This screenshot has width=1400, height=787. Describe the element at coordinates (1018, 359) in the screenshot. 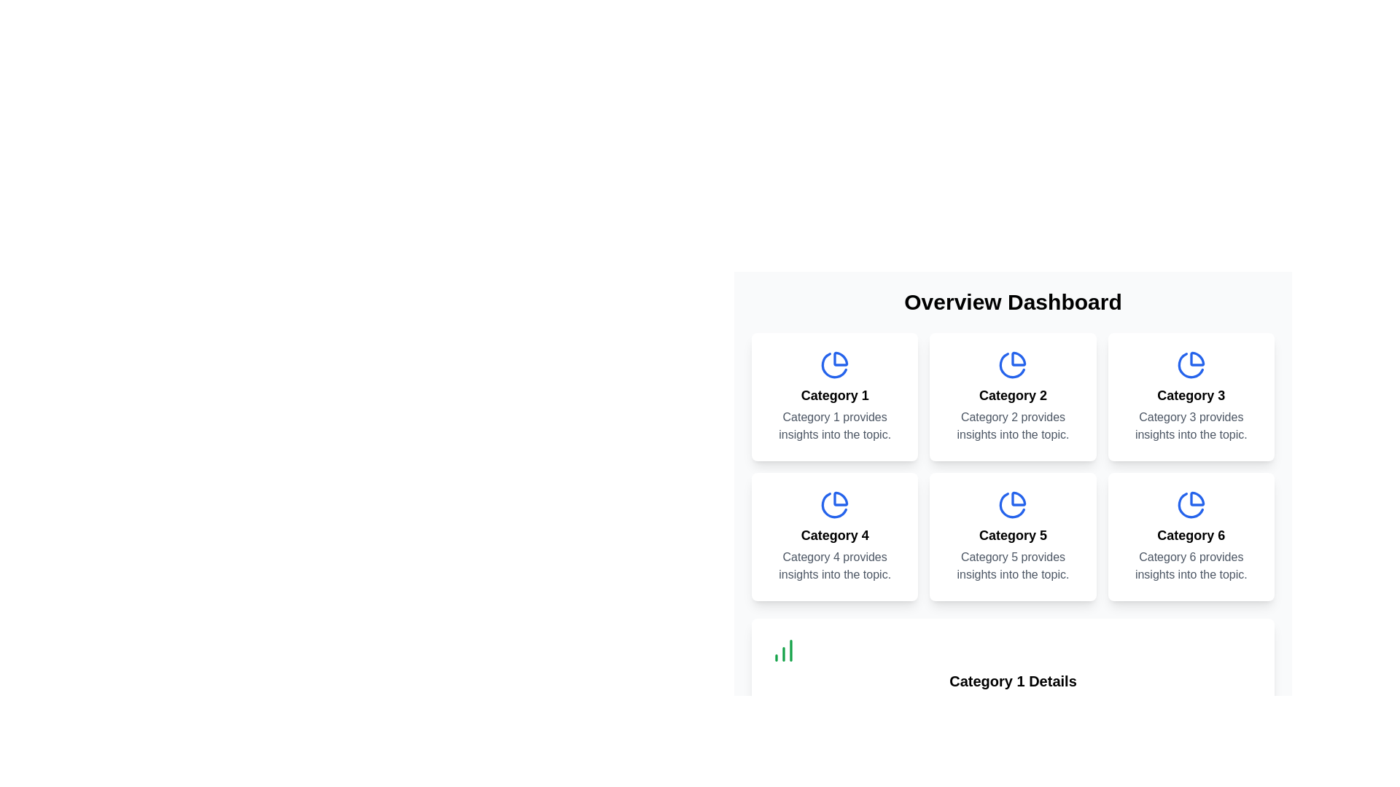

I see `the upper-right segment of the pie chart icon representing 'Category 2'` at that location.